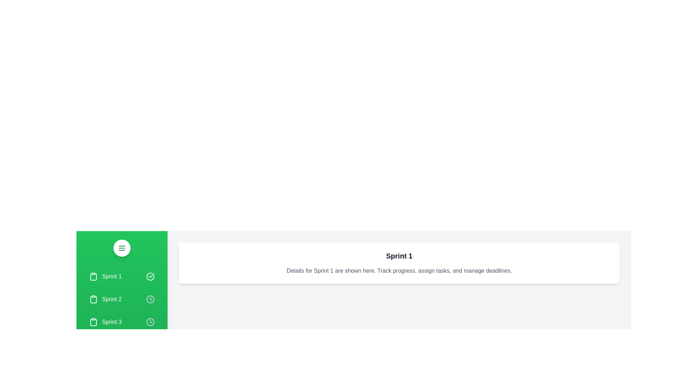 The height and width of the screenshot is (384, 683). What do you see at coordinates (122, 299) in the screenshot?
I see `the sprint item Sprint 2 to see the highlight effect` at bounding box center [122, 299].